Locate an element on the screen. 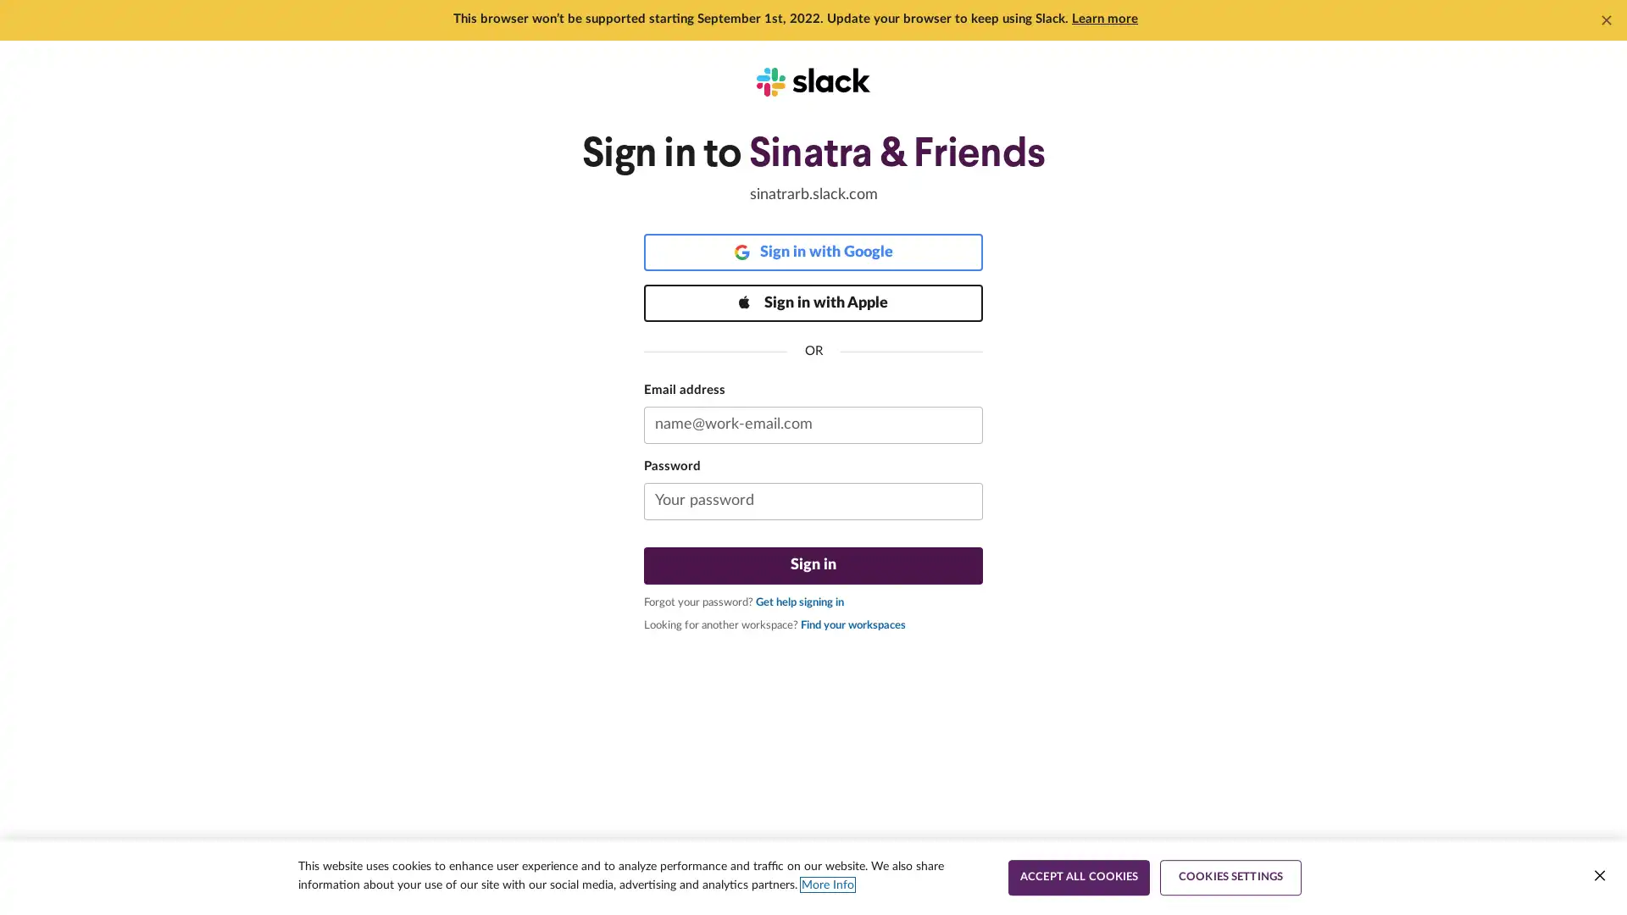  Close is located at coordinates (1598, 875).